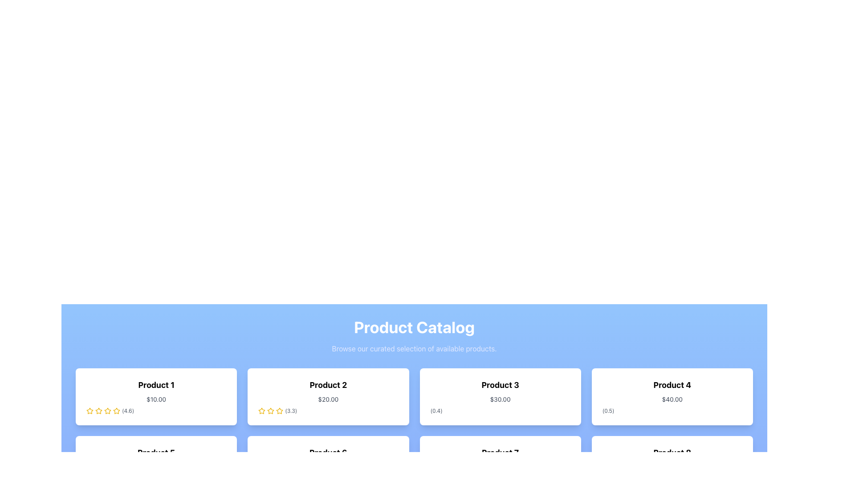 This screenshot has width=855, height=481. Describe the element at coordinates (672, 396) in the screenshot. I see `the Information Card displaying 'Product 4' with the price '$40.00' and additional information '(0.5)' located in the first row, fourth column of the grid` at that location.